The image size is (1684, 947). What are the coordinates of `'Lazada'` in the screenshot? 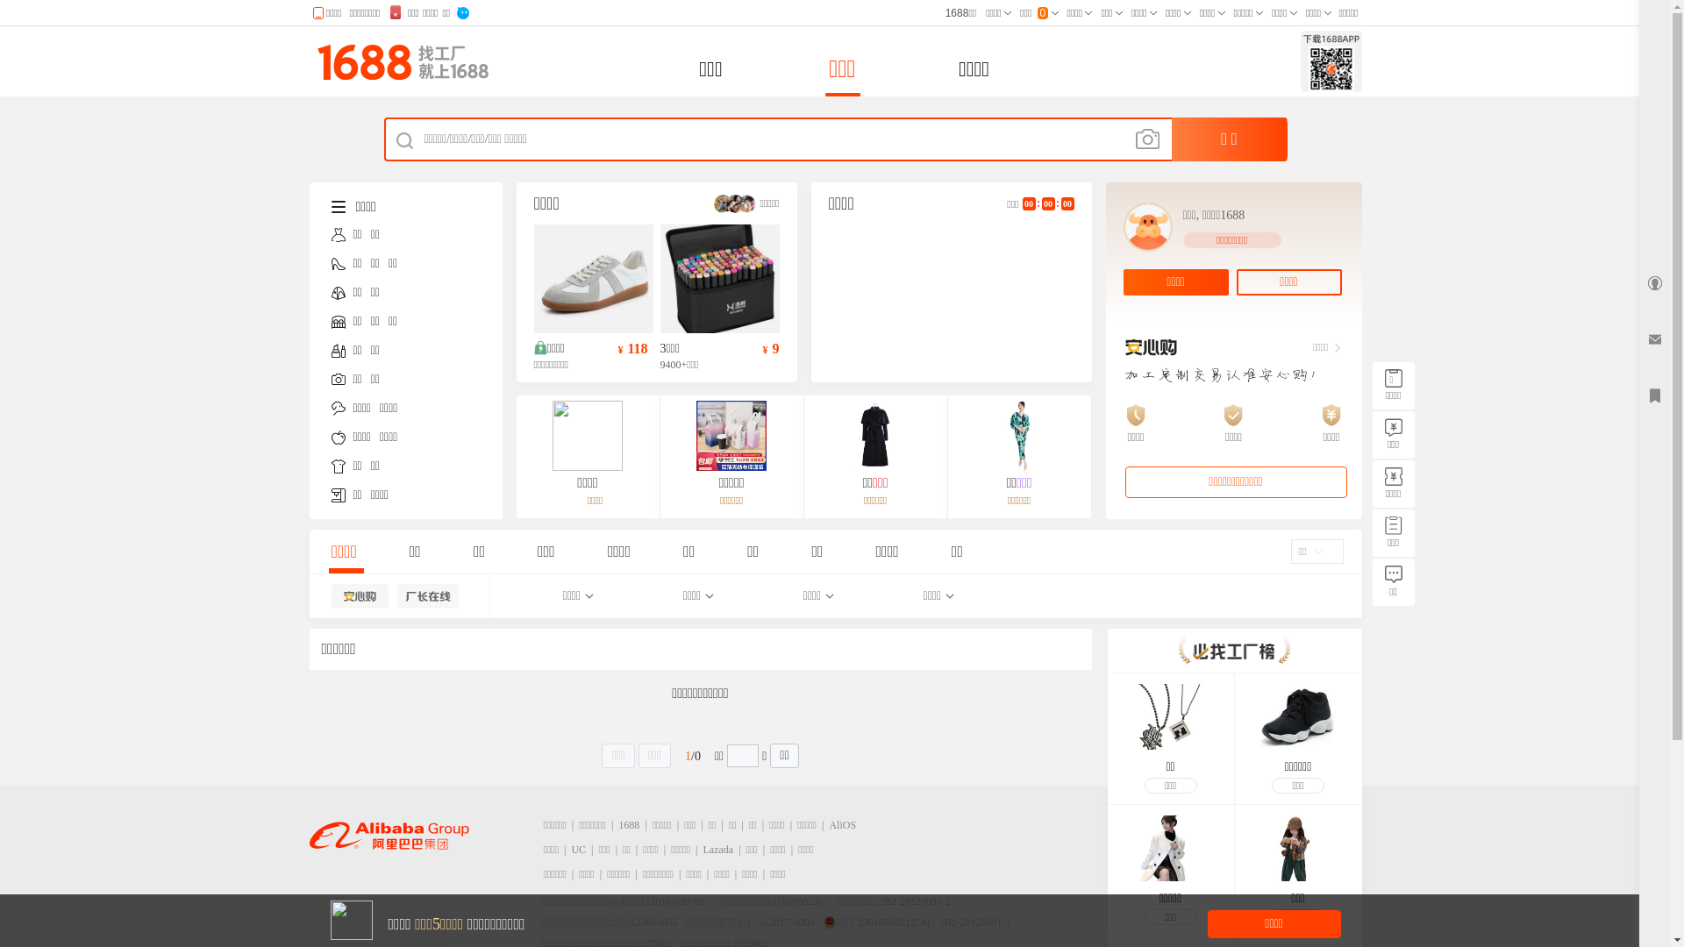 It's located at (703, 848).